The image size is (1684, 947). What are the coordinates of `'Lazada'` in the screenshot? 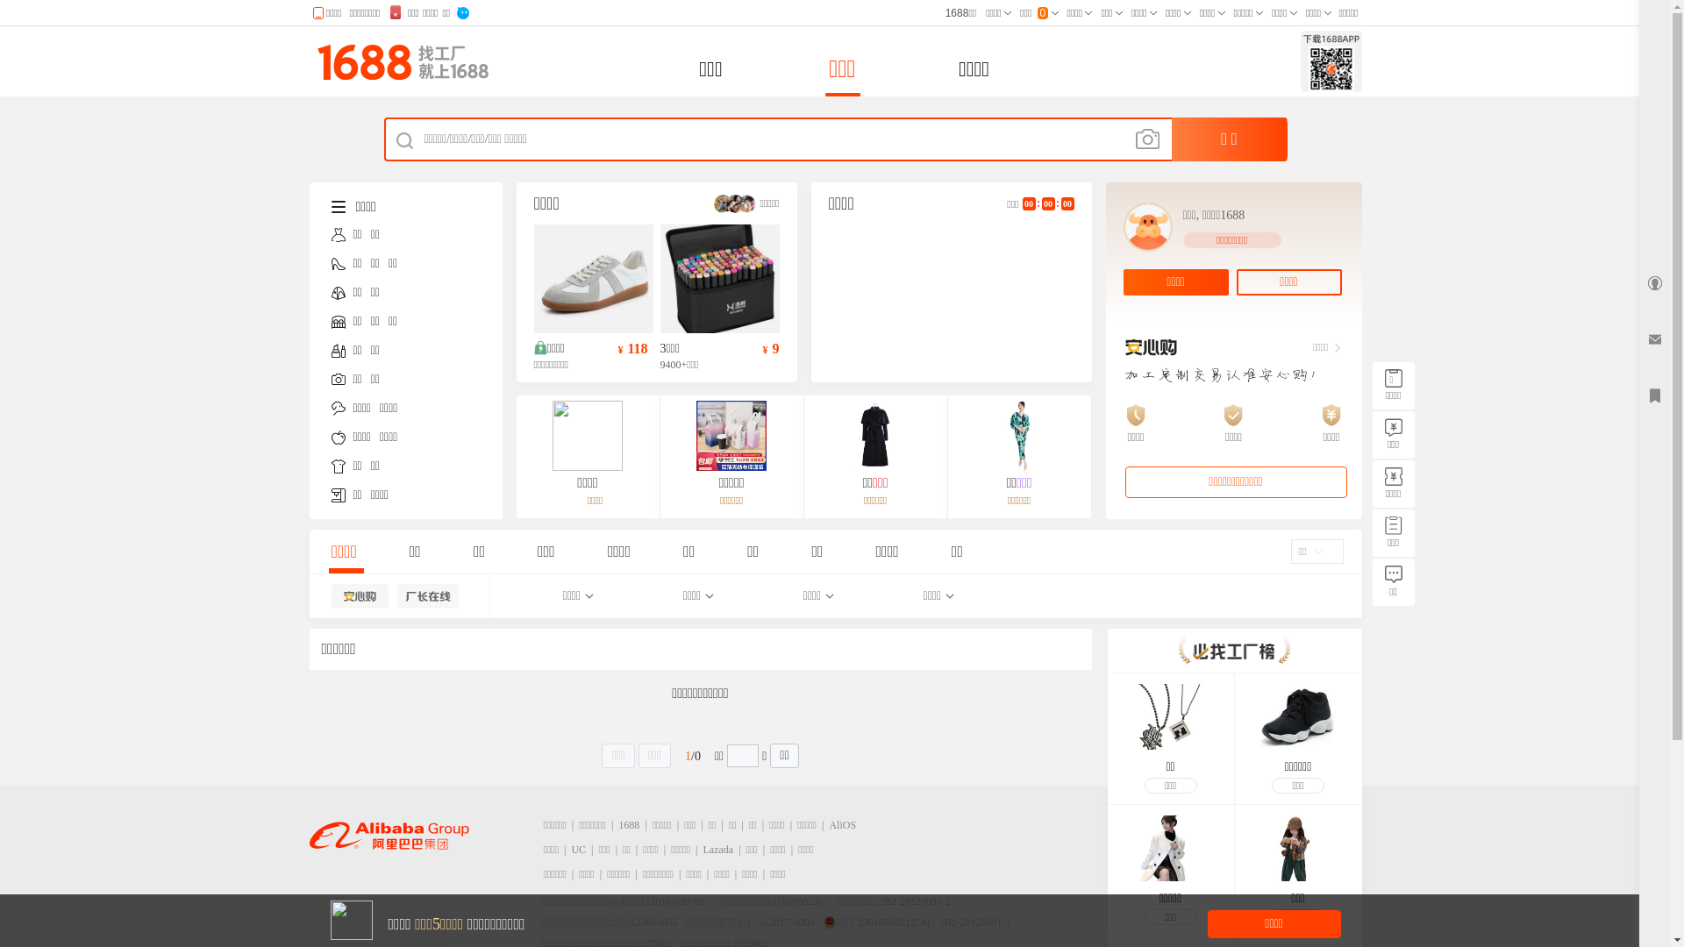 It's located at (703, 848).